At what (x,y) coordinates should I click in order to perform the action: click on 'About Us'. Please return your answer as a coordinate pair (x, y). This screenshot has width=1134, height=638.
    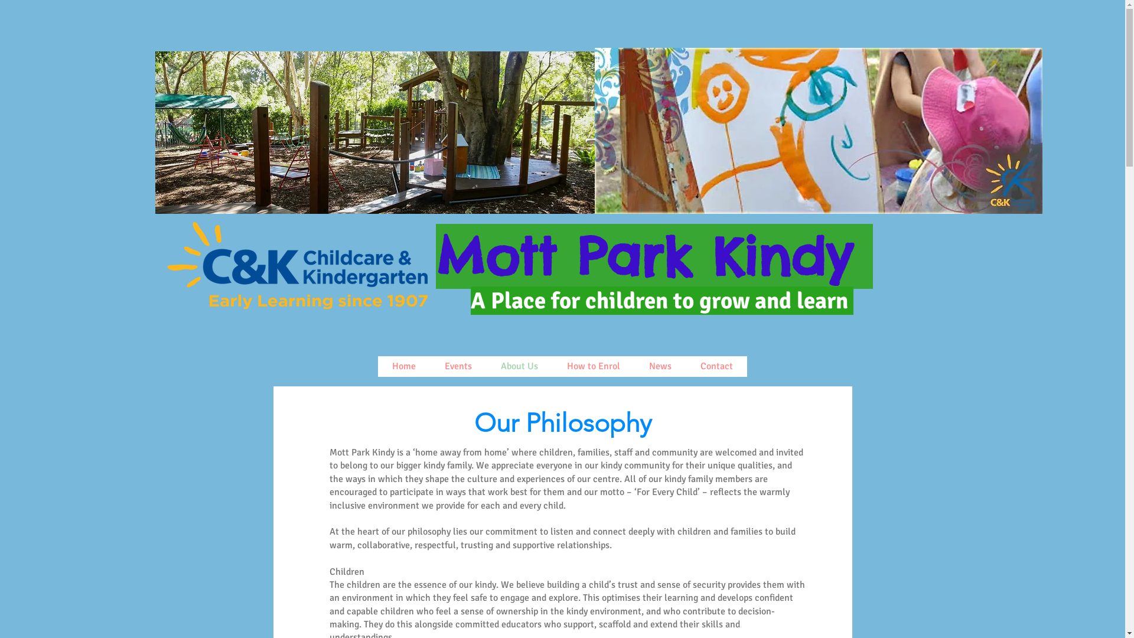
    Looking at the image, I should click on (519, 366).